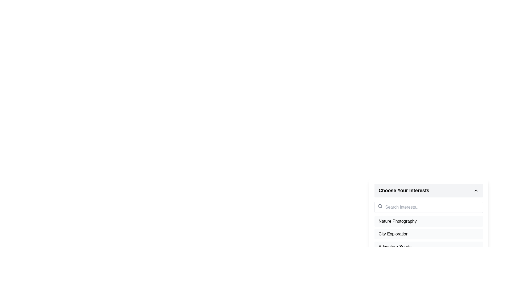 This screenshot has width=511, height=287. I want to click on the magnifying glass icon located to the left of the search input field to indicate the presence of a search feature, so click(380, 206).